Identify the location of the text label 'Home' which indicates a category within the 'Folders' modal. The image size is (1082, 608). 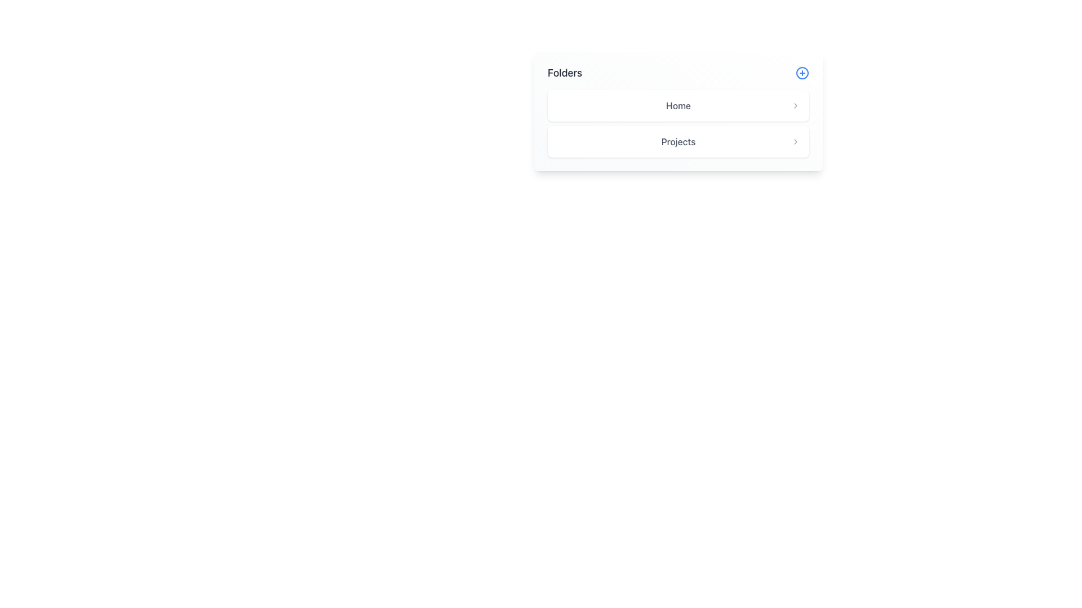
(678, 106).